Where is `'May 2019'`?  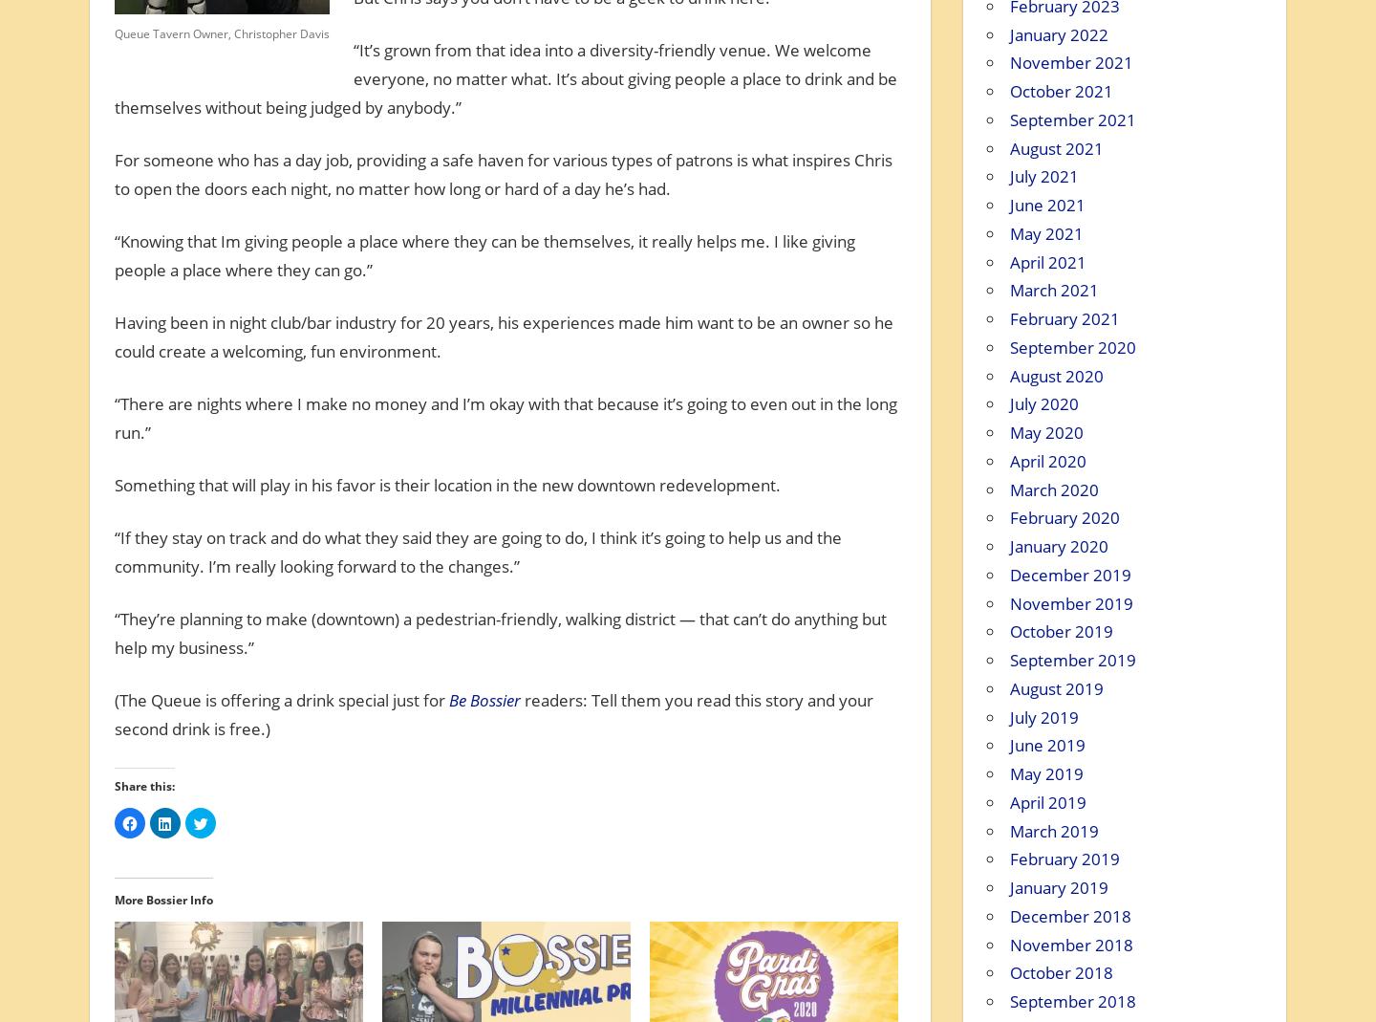 'May 2019' is located at coordinates (1045, 773).